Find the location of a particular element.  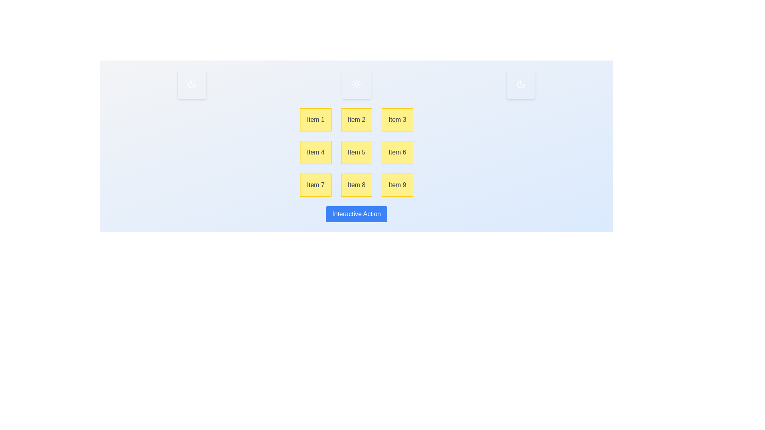

the static text label 'Item 8' which is located in the third row, second column of the grid layout, surrounded by 'Item 7' and 'Item 9' is located at coordinates (356, 185).